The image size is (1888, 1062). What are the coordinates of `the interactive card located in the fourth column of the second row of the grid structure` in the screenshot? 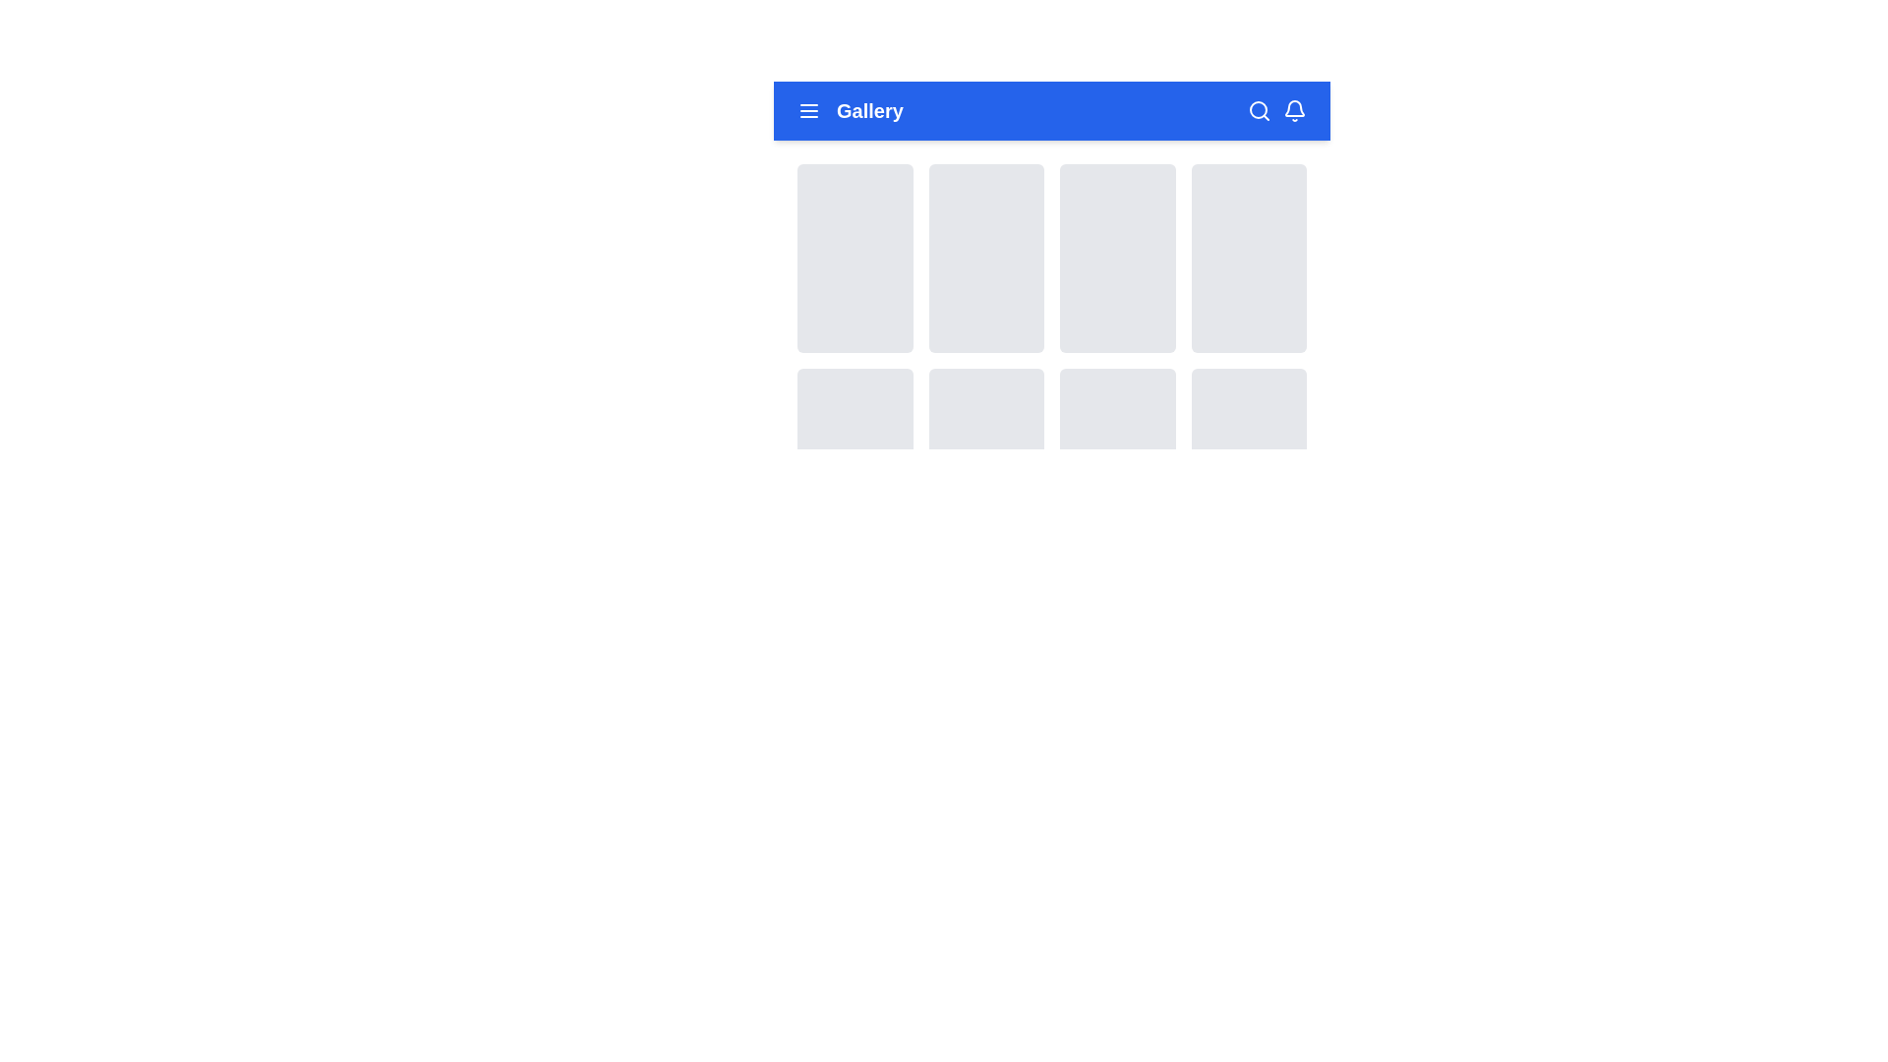 It's located at (1248, 462).